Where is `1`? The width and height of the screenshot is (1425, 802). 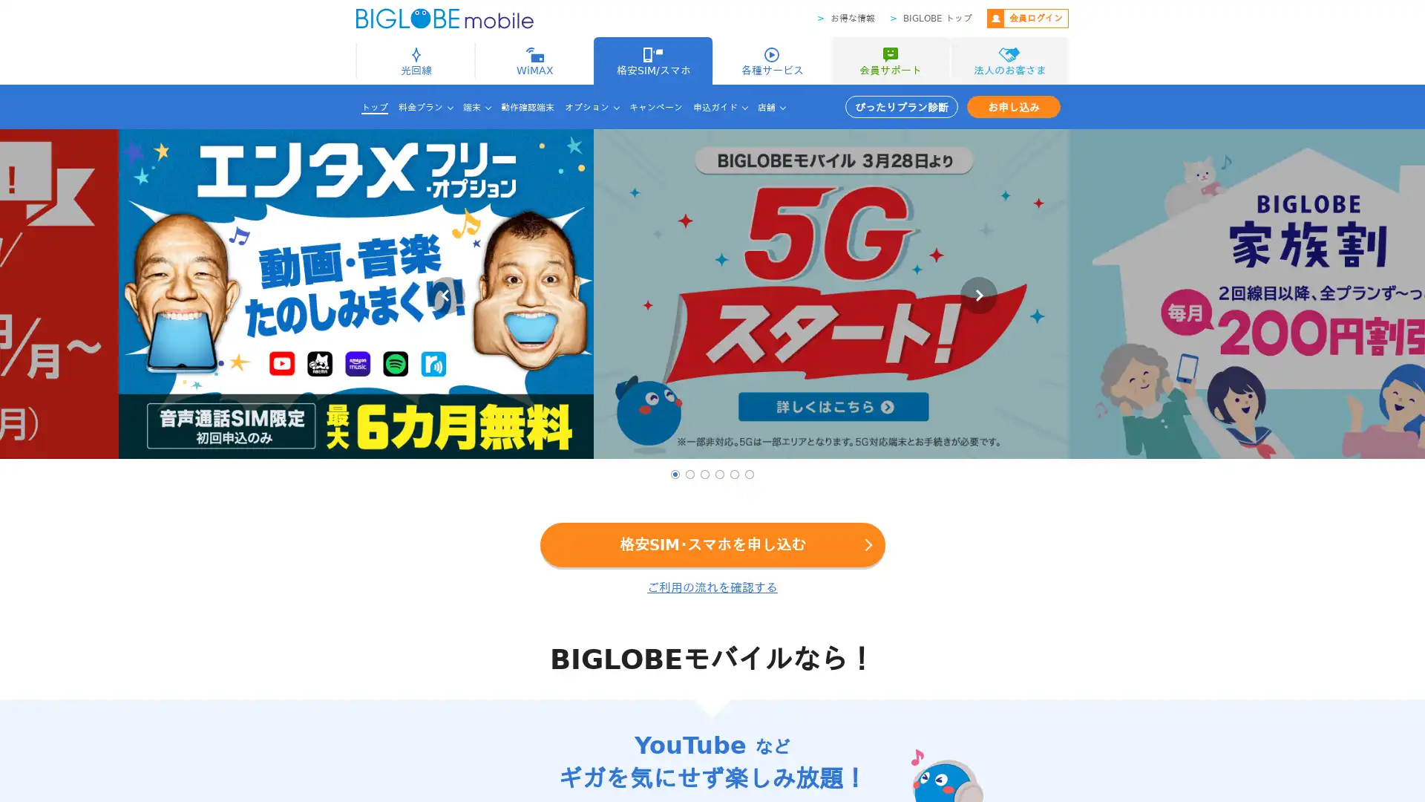 1 is located at coordinates (675, 475).